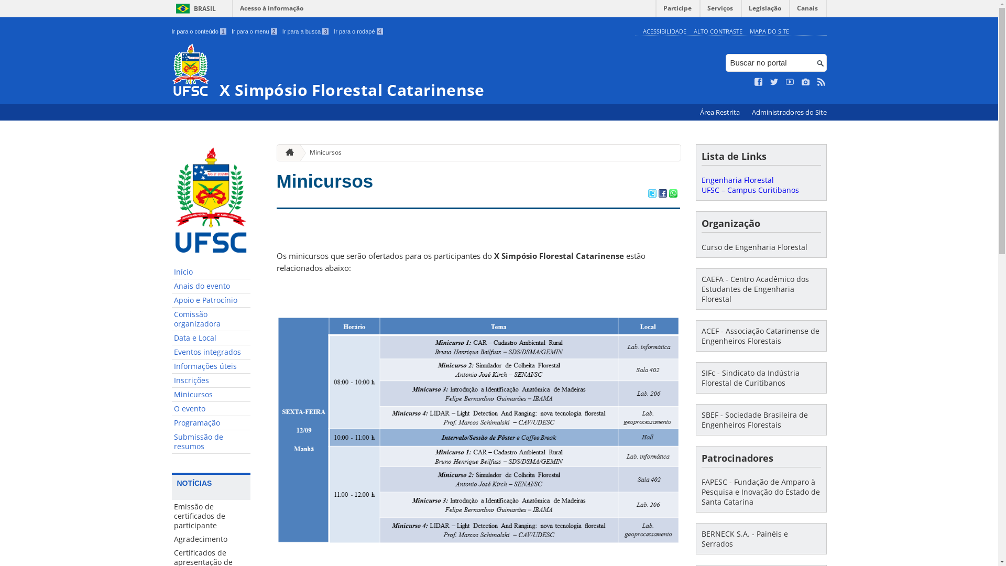 This screenshot has height=566, width=1006. I want to click on 'Anais do evento', so click(211, 286).